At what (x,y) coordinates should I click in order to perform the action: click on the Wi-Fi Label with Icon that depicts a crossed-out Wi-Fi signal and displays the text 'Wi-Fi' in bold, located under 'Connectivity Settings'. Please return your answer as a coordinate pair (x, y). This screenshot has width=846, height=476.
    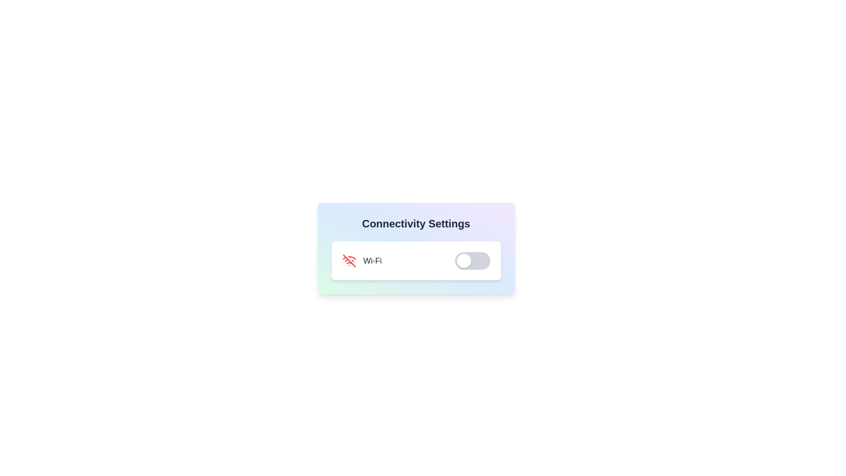
    Looking at the image, I should click on (362, 260).